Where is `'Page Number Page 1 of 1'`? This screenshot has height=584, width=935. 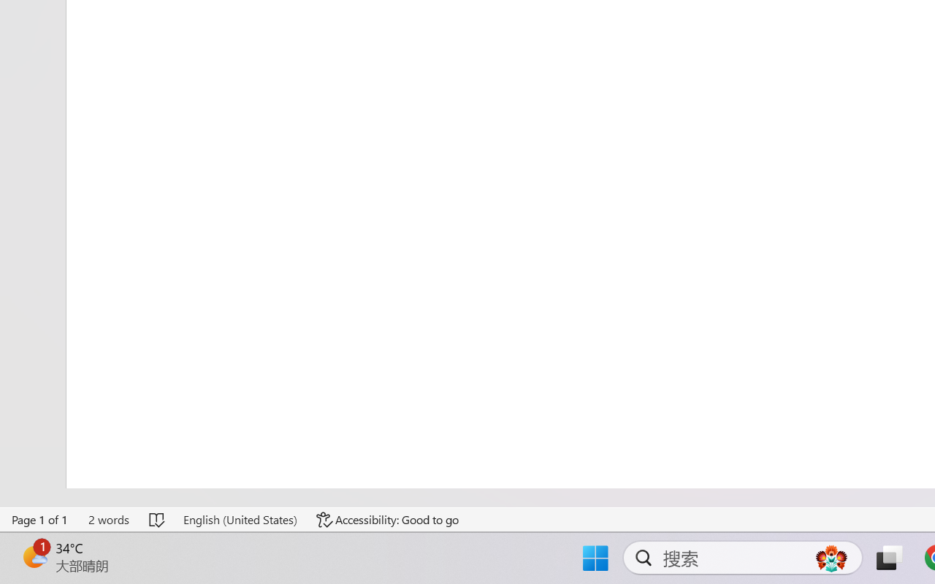
'Page Number Page 1 of 1' is located at coordinates (40, 519).